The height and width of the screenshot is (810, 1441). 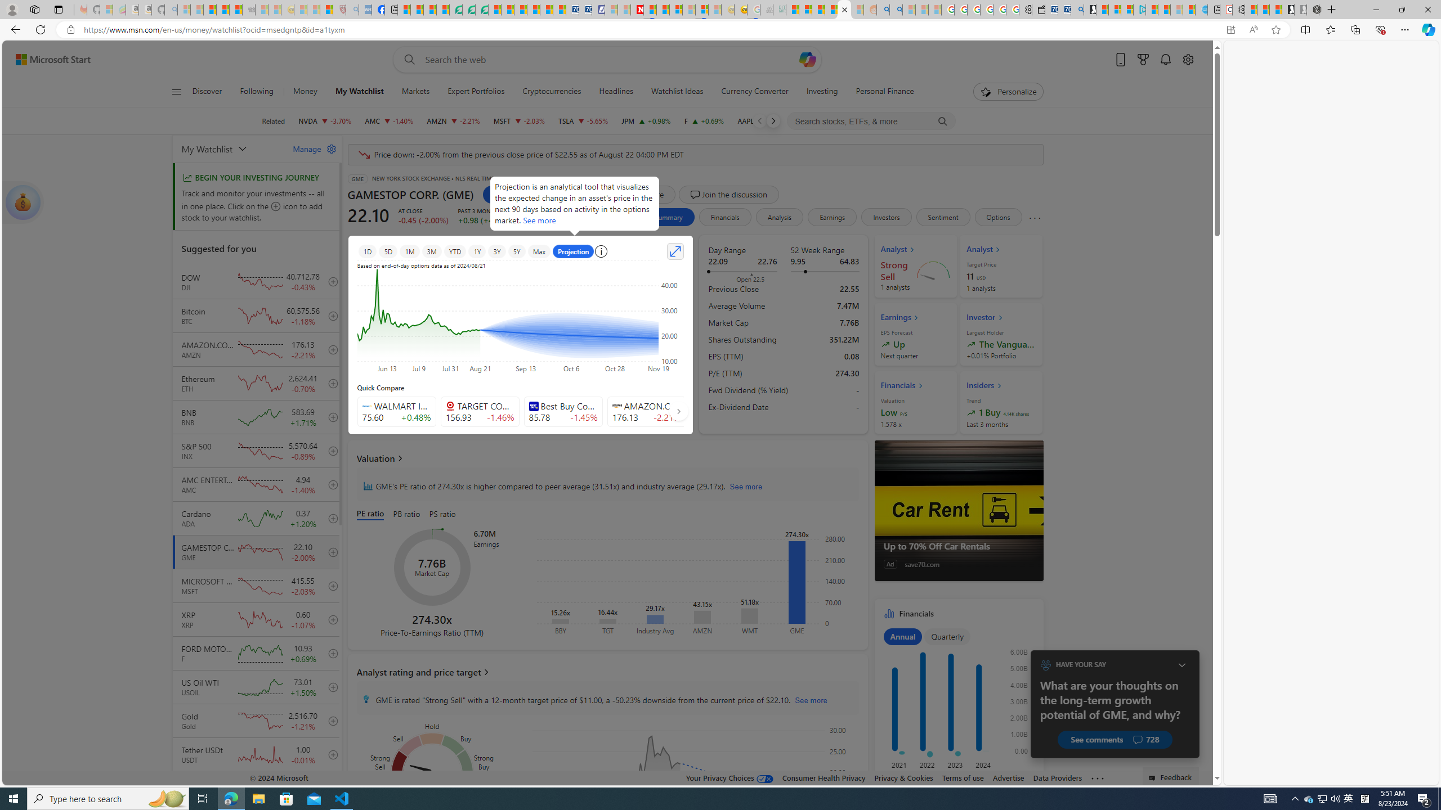 What do you see at coordinates (482, 9) in the screenshot?
I see `'Microsoft Word - consumer-privacy address update 2.2021'` at bounding box center [482, 9].